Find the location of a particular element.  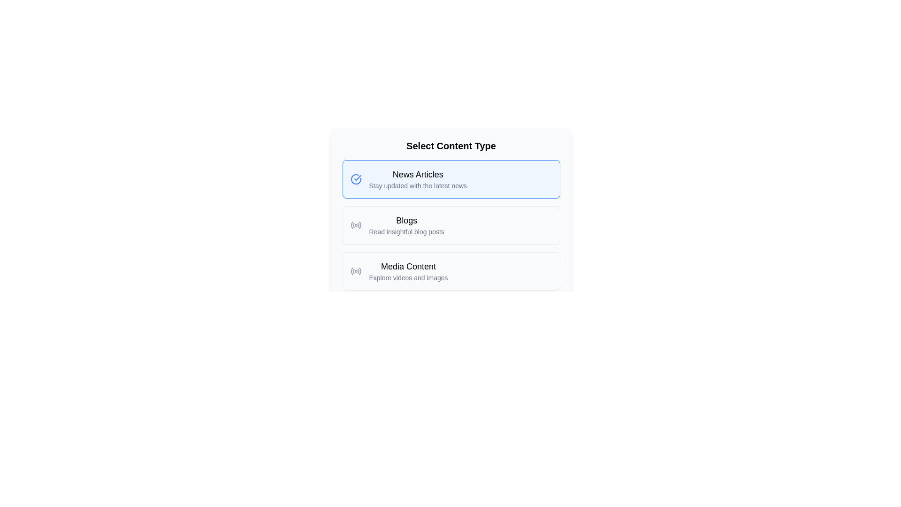

the selectable list item labeled 'Blogs' is located at coordinates (397, 225).